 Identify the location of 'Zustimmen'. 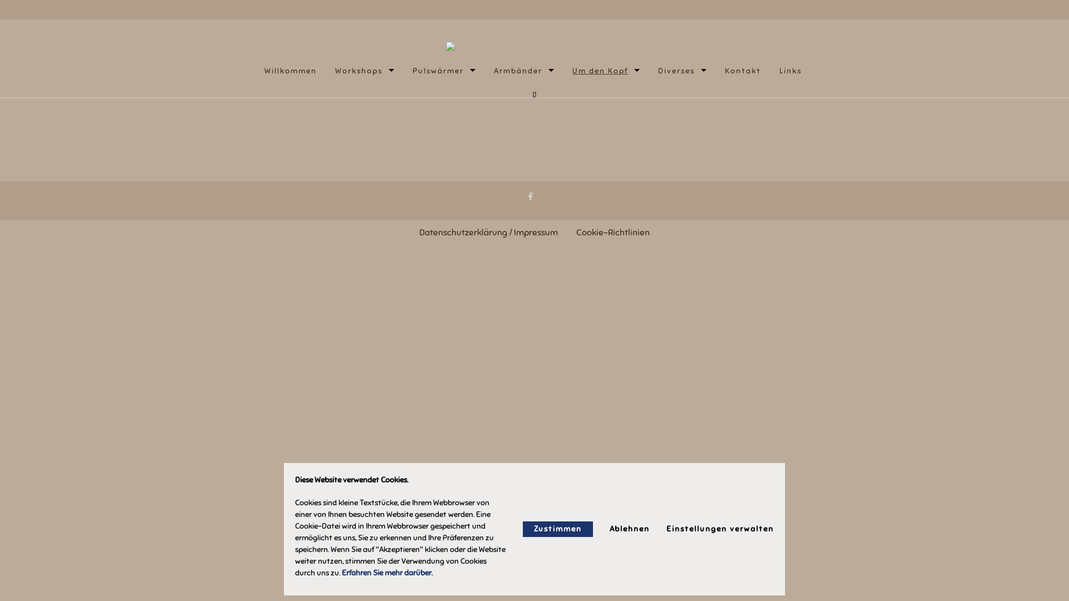
(558, 529).